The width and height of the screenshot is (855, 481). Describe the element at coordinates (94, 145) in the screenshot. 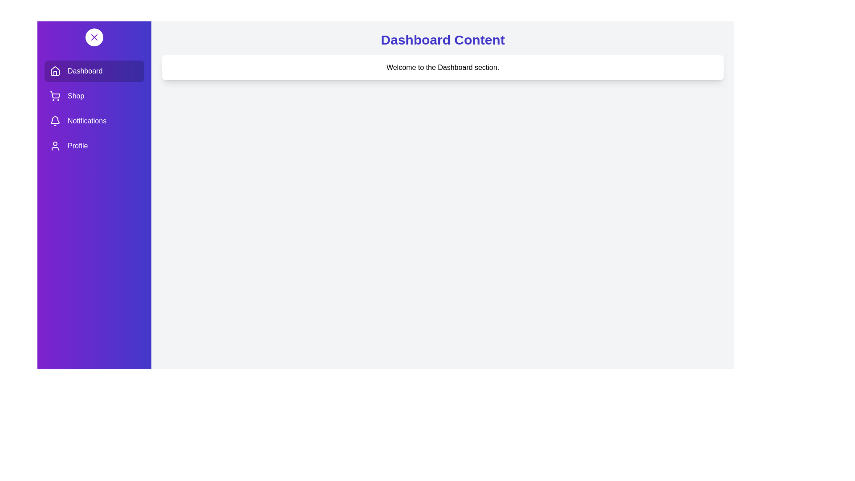

I see `the Profile section in the drawer to activate it` at that location.